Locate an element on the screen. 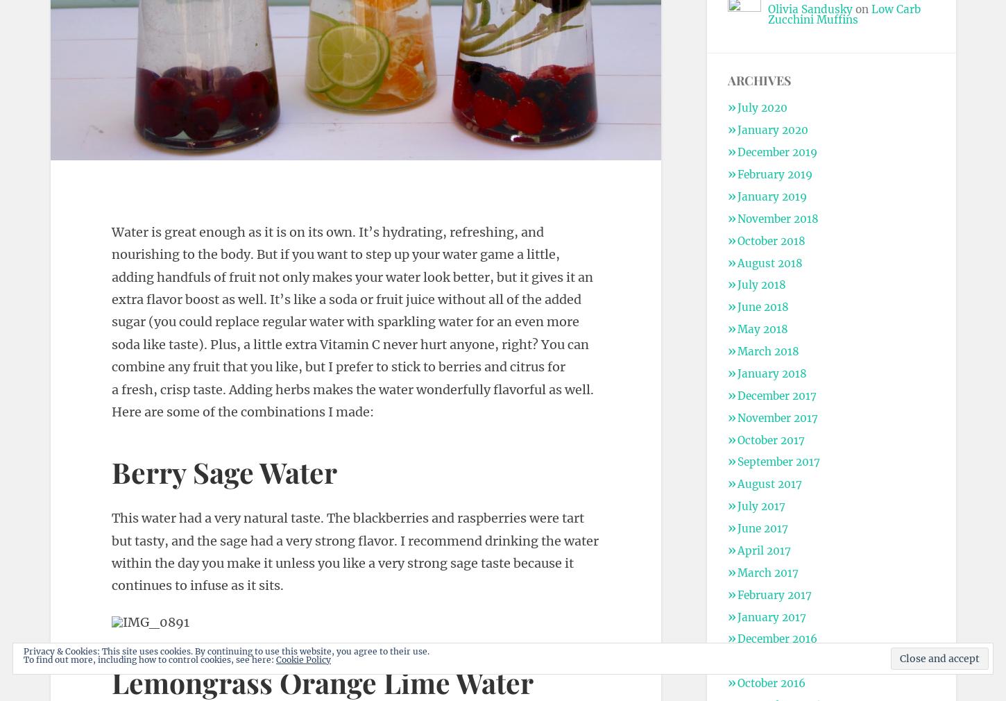  'October 2017' is located at coordinates (769, 439).